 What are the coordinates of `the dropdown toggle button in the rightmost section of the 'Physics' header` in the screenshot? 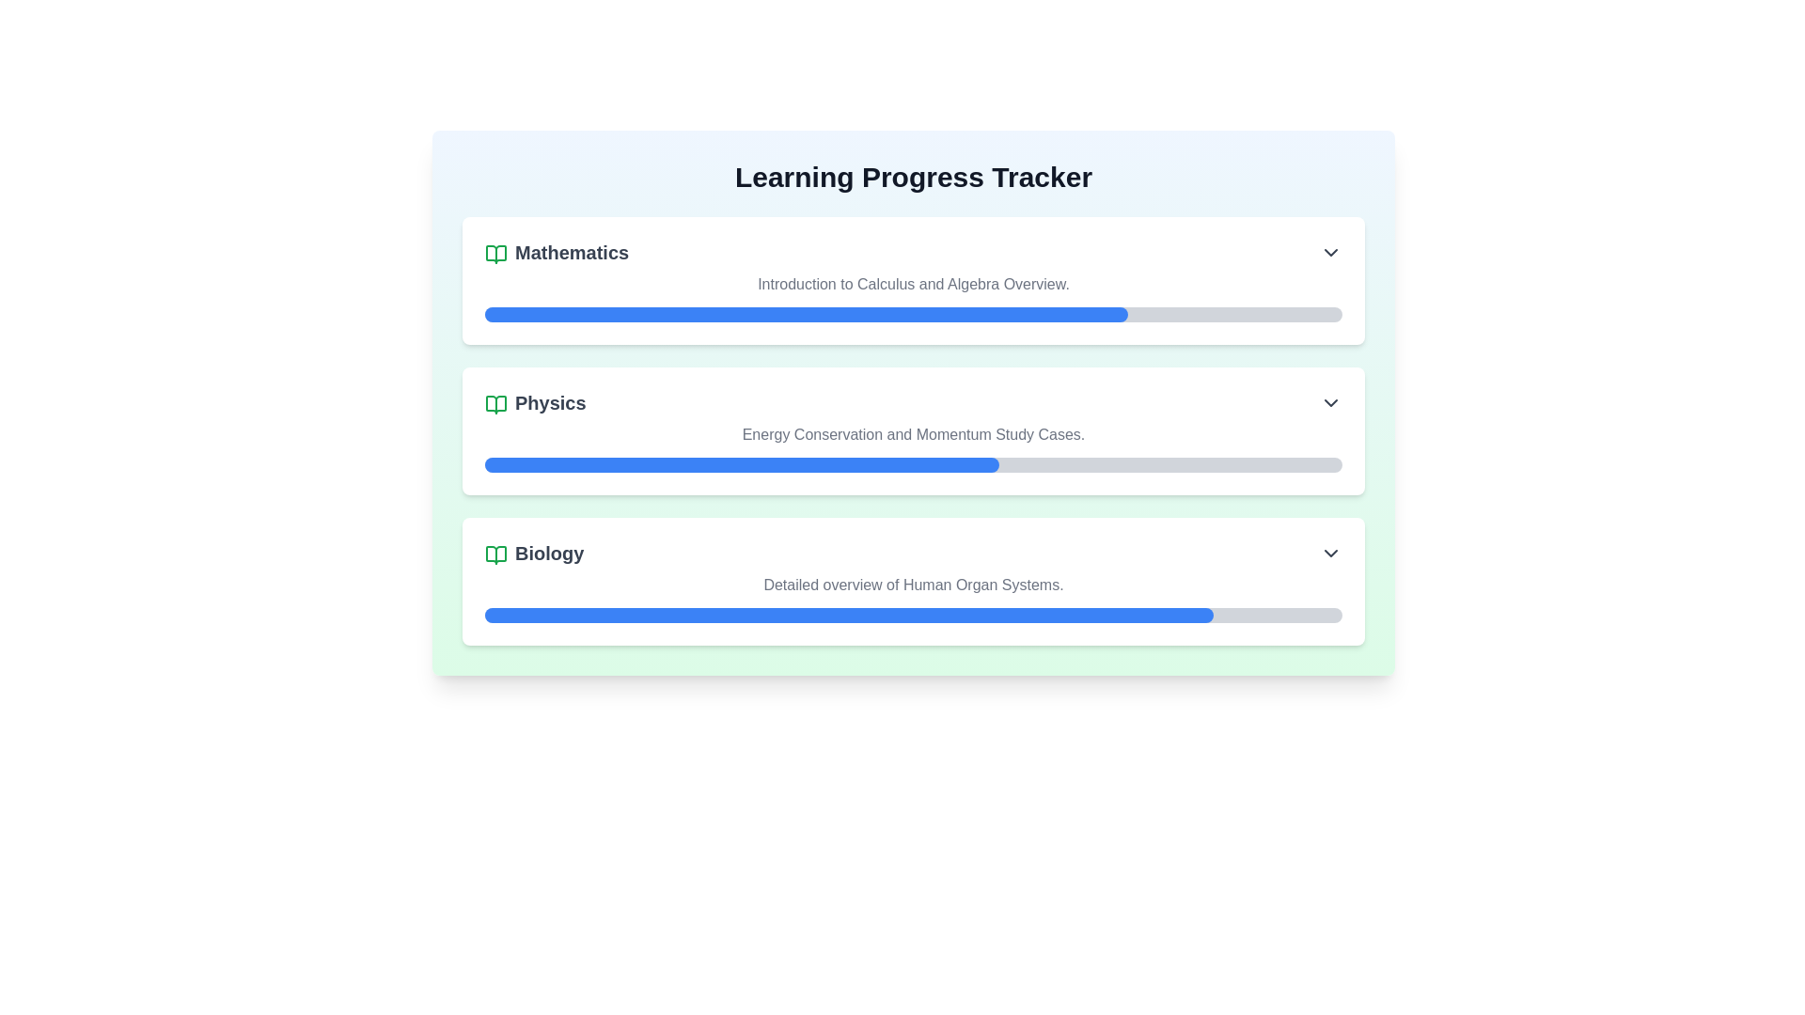 It's located at (1330, 401).